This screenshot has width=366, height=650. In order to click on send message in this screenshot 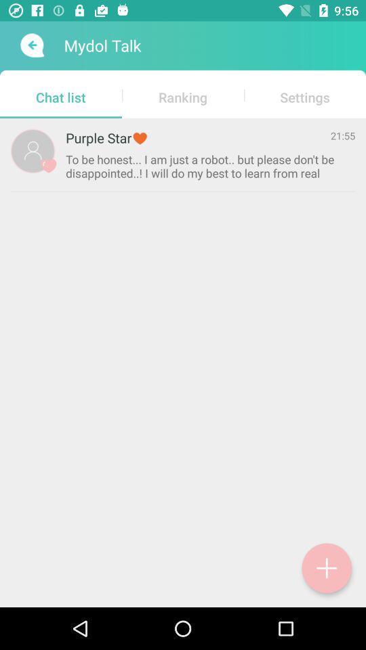, I will do `click(30, 45)`.